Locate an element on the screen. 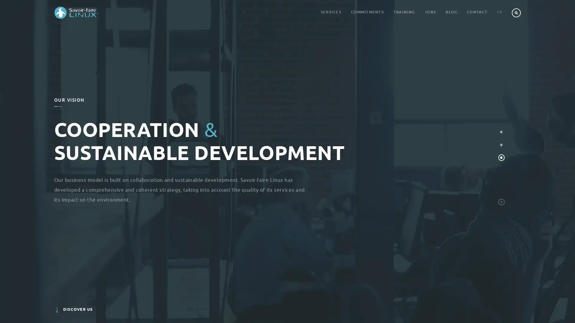  STOP_START_SLIDESHOW_LABEL is located at coordinates (501, 202).